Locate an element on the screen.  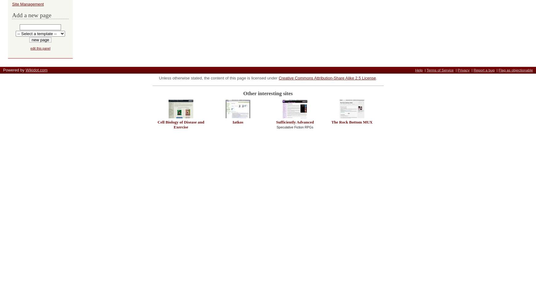
'Report a bug' is located at coordinates (484, 70).